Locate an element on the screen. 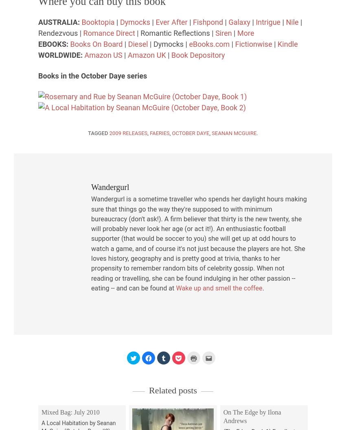 The height and width of the screenshot is (430, 346). 'More' is located at coordinates (237, 32).